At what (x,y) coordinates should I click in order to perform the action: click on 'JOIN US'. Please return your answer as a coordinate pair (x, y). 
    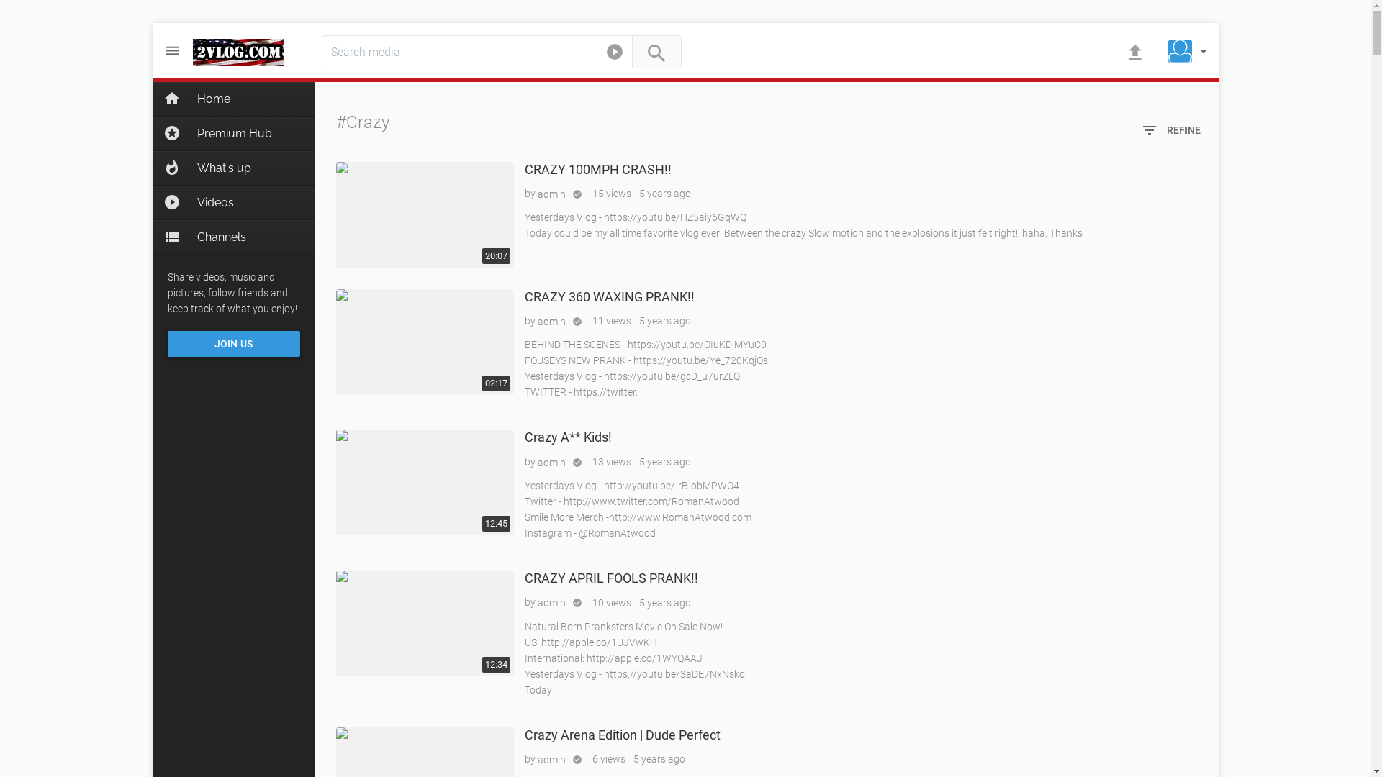
    Looking at the image, I should click on (233, 344).